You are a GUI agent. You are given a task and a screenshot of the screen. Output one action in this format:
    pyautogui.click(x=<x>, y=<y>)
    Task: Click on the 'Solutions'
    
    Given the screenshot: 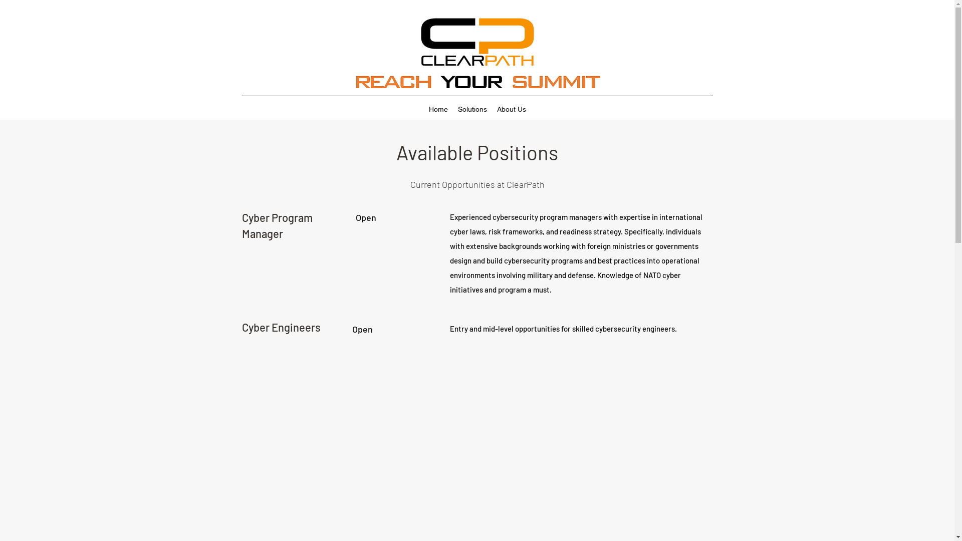 What is the action you would take?
    pyautogui.click(x=471, y=109)
    